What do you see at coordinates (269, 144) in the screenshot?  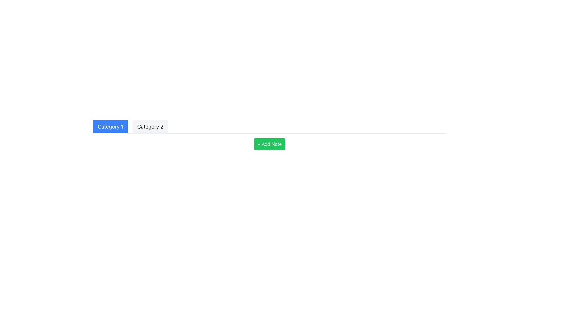 I see `the green button with rounded edges labeled '+ Add Note' to observe the style change` at bounding box center [269, 144].